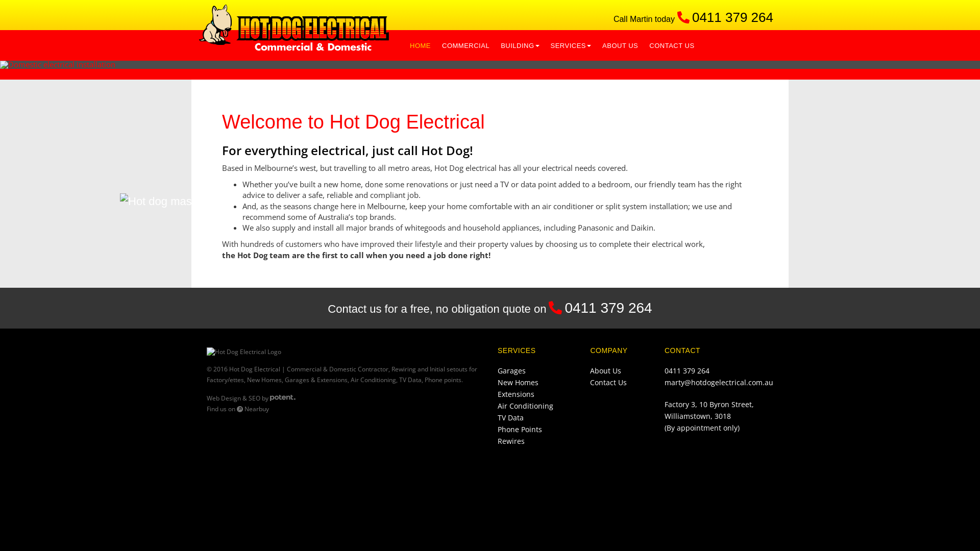 Image resolution: width=980 pixels, height=551 pixels. What do you see at coordinates (643, 44) in the screenshot?
I see `'CONTACT US'` at bounding box center [643, 44].